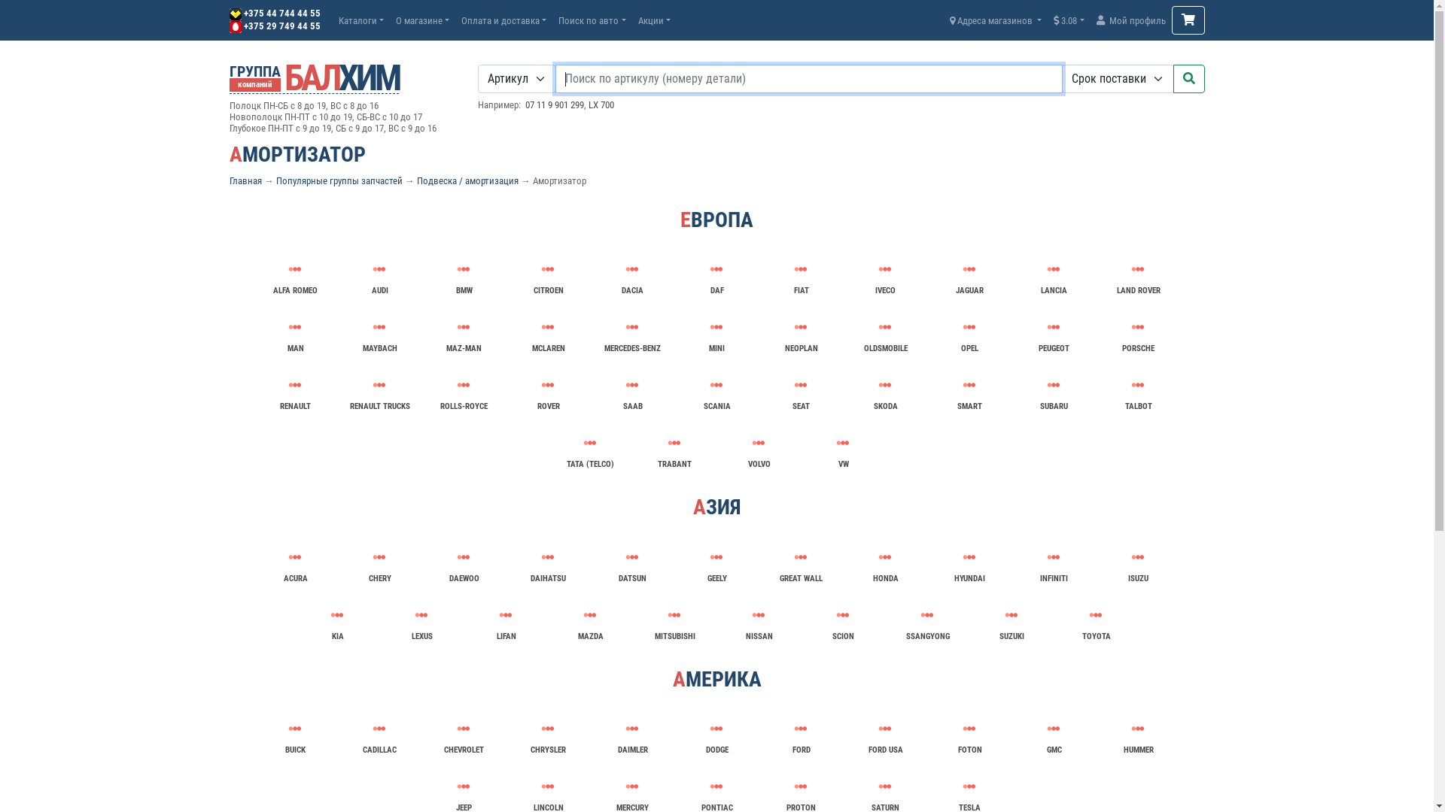 The width and height of the screenshot is (1445, 812). I want to click on 'VOLVO', so click(759, 442).